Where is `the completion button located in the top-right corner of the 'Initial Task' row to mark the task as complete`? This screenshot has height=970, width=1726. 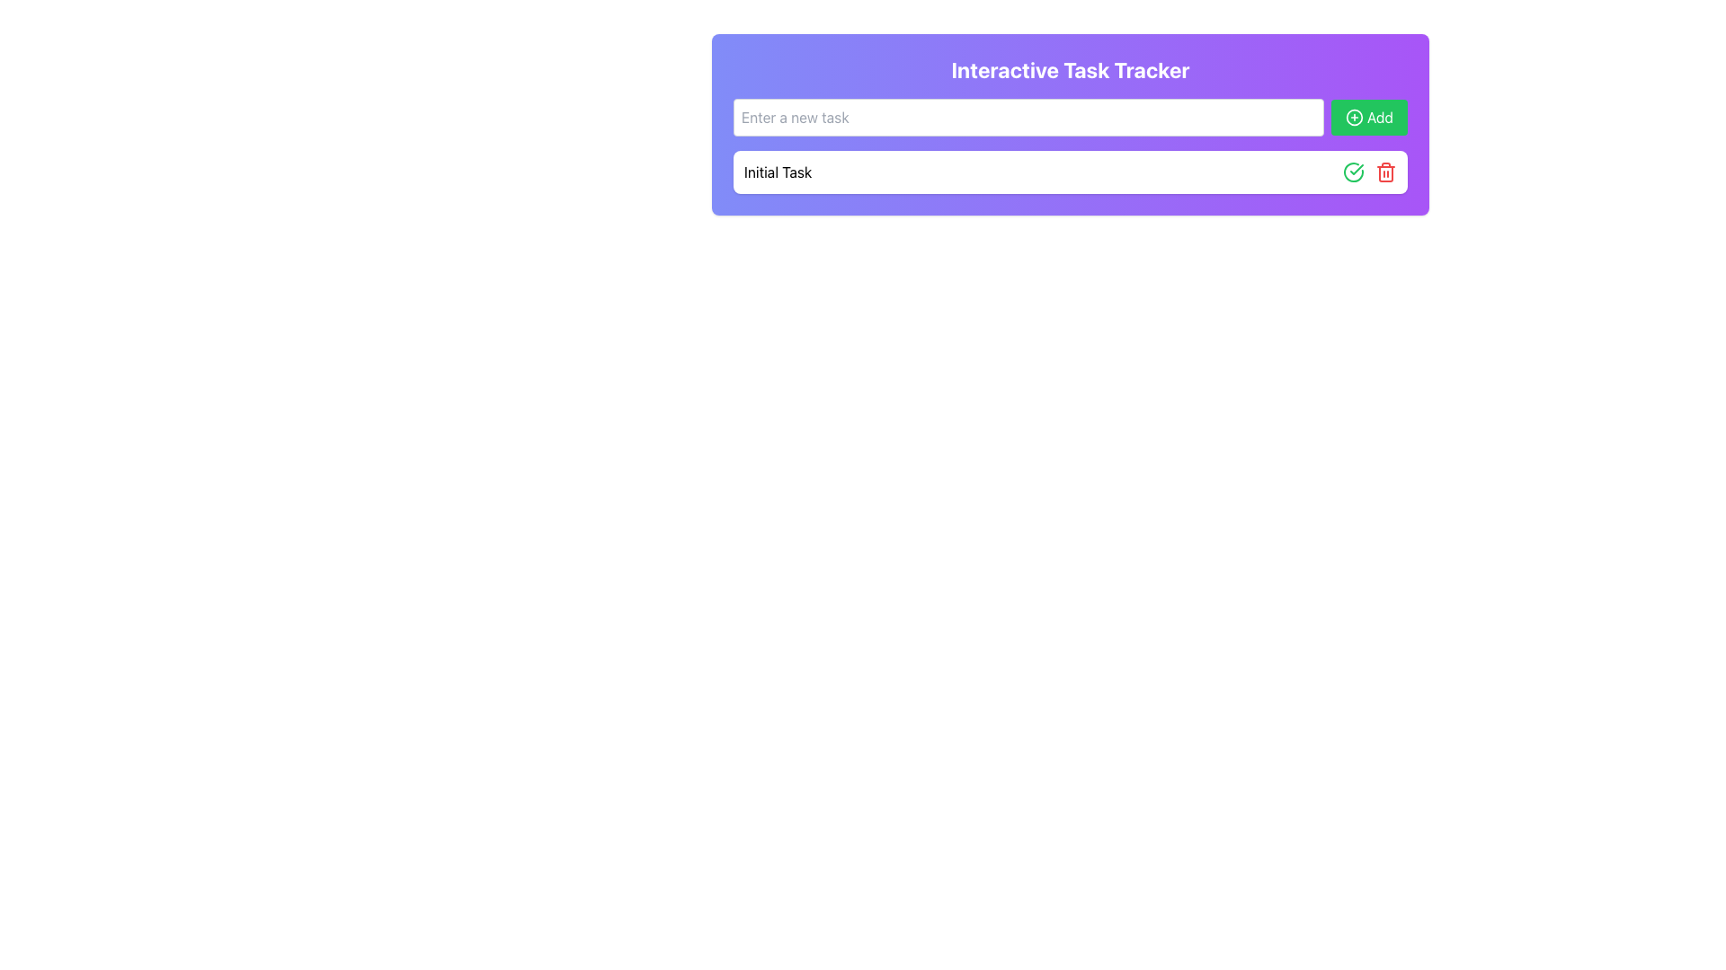
the completion button located in the top-right corner of the 'Initial Task' row to mark the task as complete is located at coordinates (1354, 172).